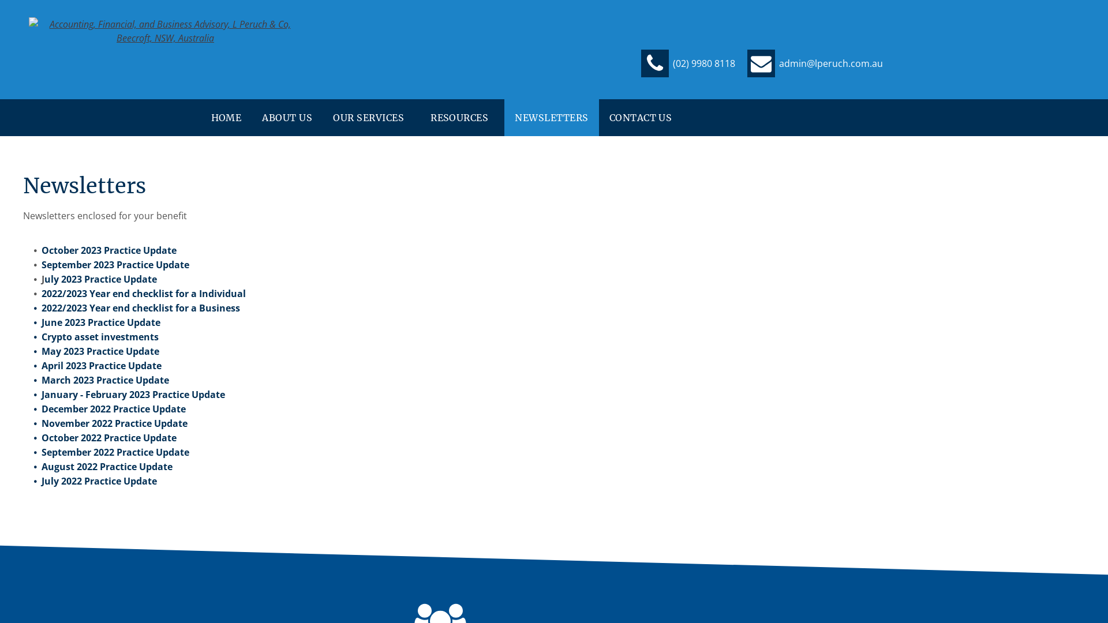  Describe the element at coordinates (143, 293) in the screenshot. I see `'2022/2023 Year end checklist for a Individual'` at that location.